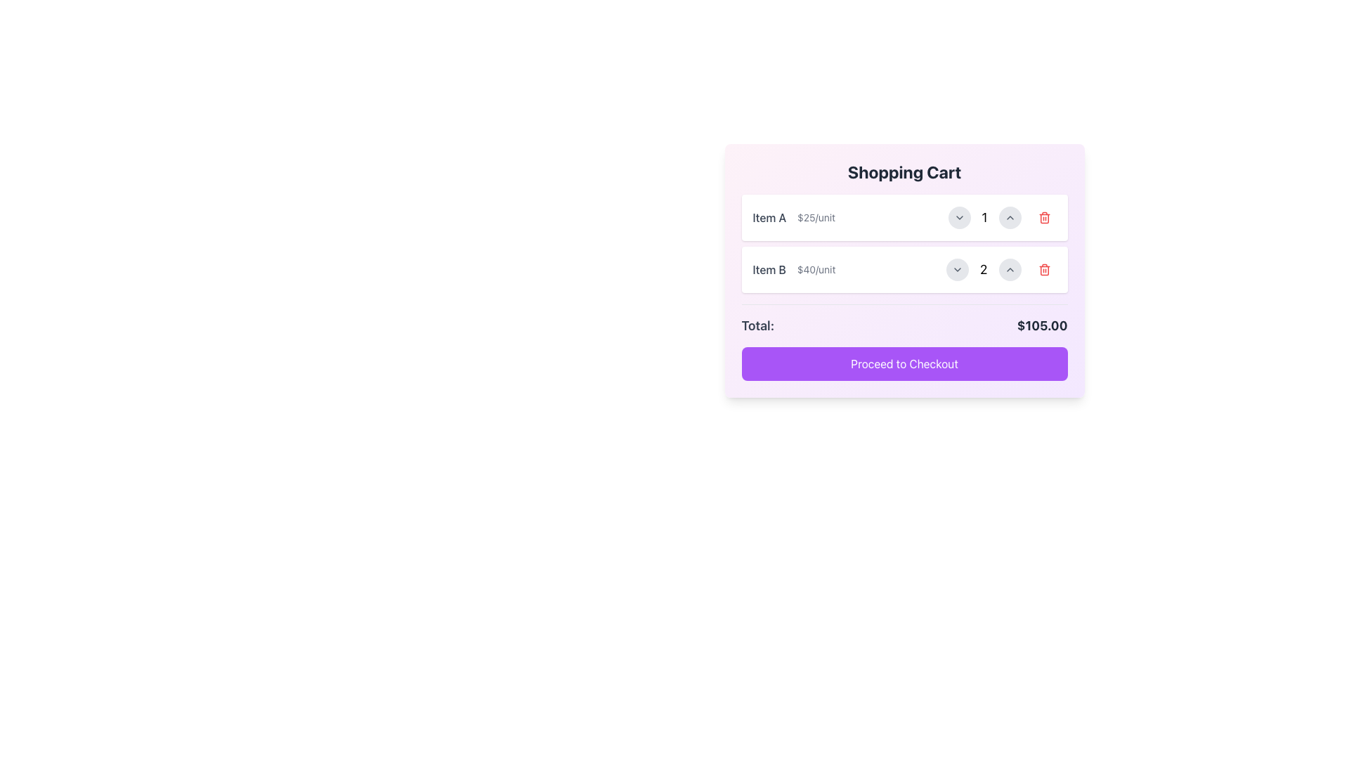 The height and width of the screenshot is (759, 1349). What do you see at coordinates (1001, 270) in the screenshot?
I see `the Text Display showing the current quantity of 'Item B'` at bounding box center [1001, 270].